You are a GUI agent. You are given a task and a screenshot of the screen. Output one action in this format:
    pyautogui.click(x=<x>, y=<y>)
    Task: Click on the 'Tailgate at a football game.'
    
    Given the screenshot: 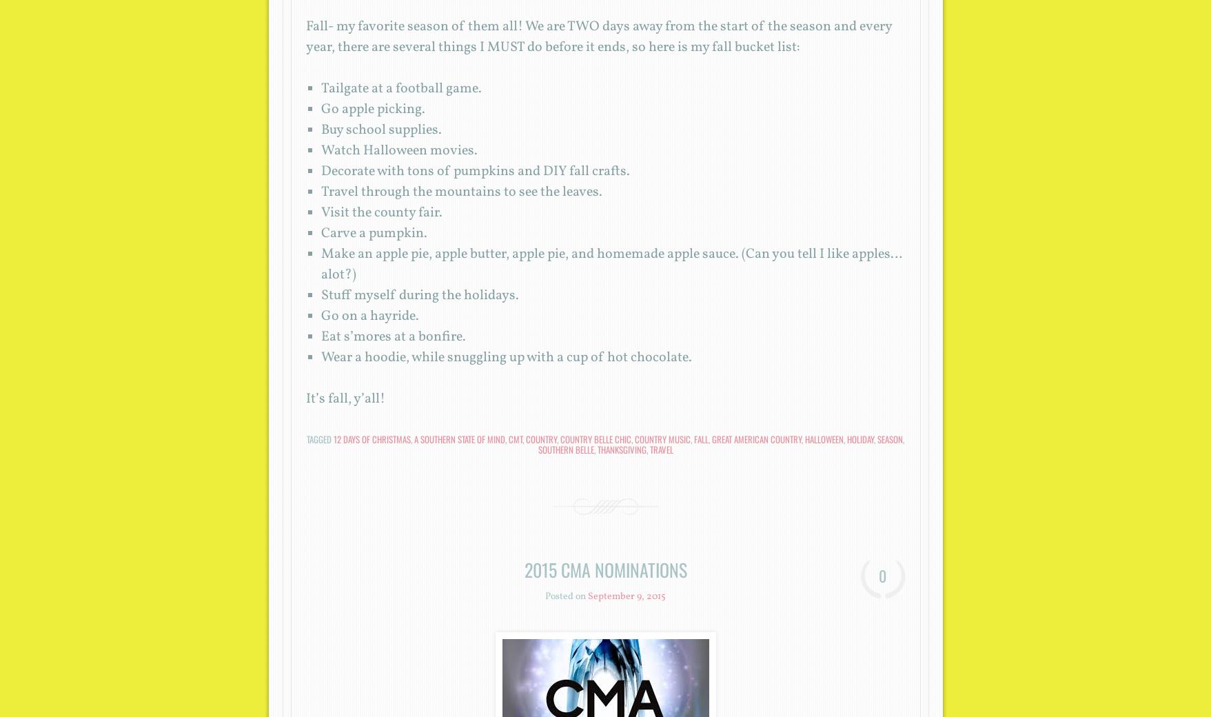 What is the action you would take?
    pyautogui.click(x=320, y=88)
    